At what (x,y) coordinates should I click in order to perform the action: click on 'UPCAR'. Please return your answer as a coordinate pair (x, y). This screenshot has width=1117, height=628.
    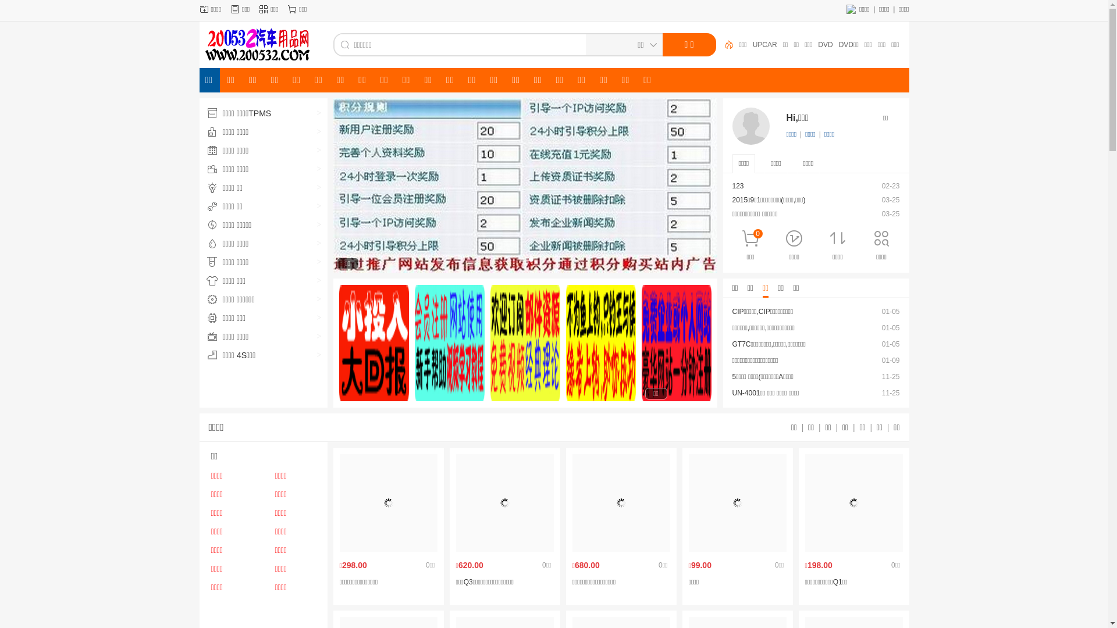
    Looking at the image, I should click on (789, 44).